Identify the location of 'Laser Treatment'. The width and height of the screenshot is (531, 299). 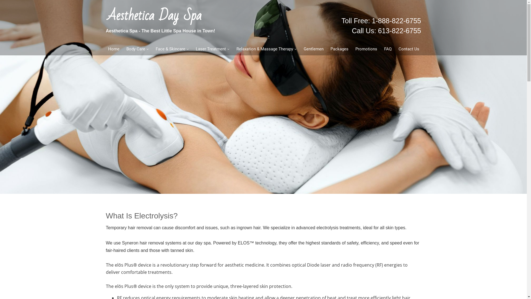
(212, 49).